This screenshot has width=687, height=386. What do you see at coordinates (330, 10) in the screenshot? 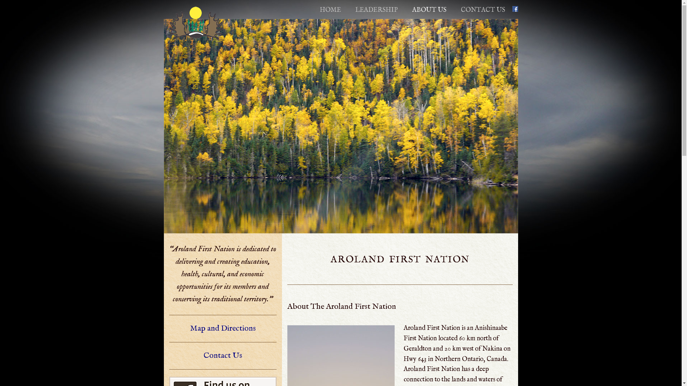
I see `'HOME'` at bounding box center [330, 10].